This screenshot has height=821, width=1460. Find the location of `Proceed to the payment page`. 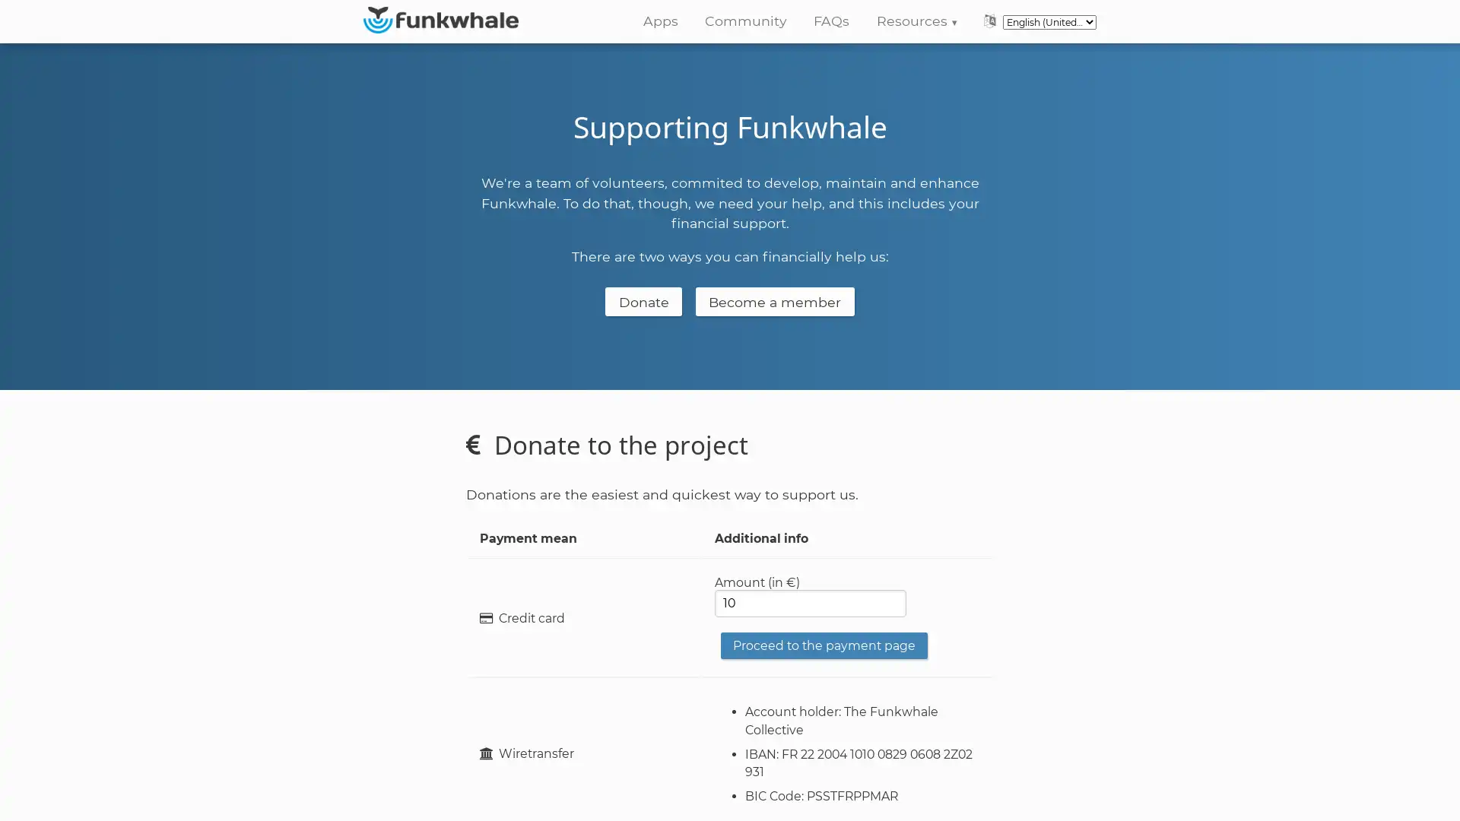

Proceed to the payment page is located at coordinates (823, 645).